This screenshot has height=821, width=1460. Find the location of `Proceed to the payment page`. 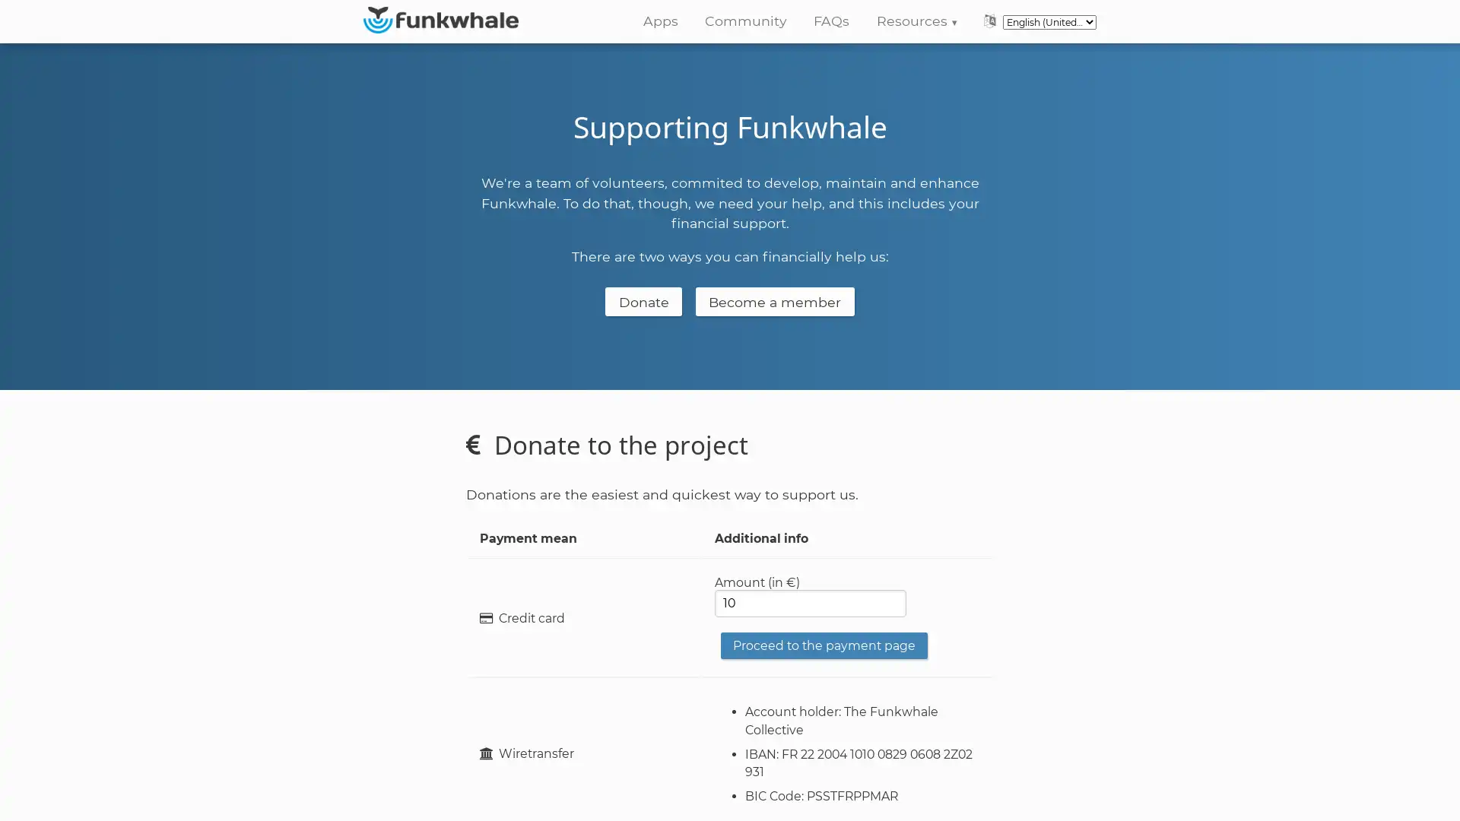

Proceed to the payment page is located at coordinates (823, 645).